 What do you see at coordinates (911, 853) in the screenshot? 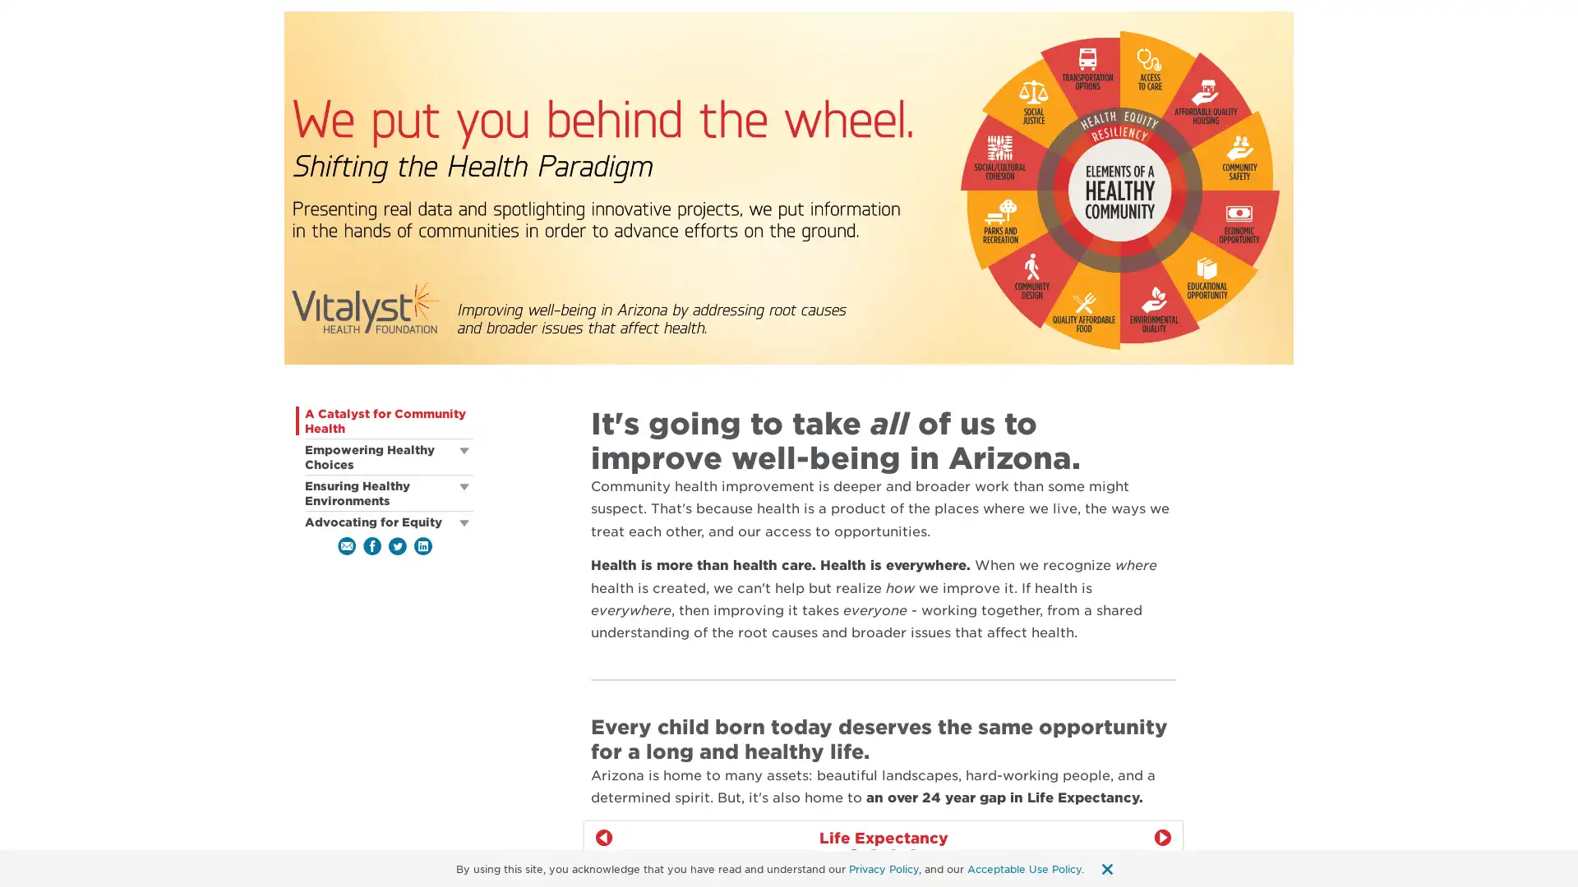
I see `carousel screen indicator` at bounding box center [911, 853].